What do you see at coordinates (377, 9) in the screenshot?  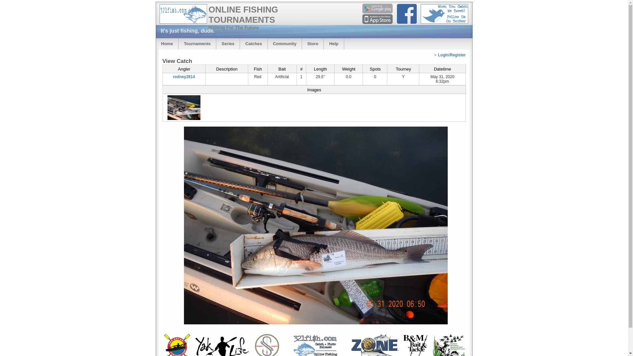 I see `'App at Google PlayStore'` at bounding box center [377, 9].